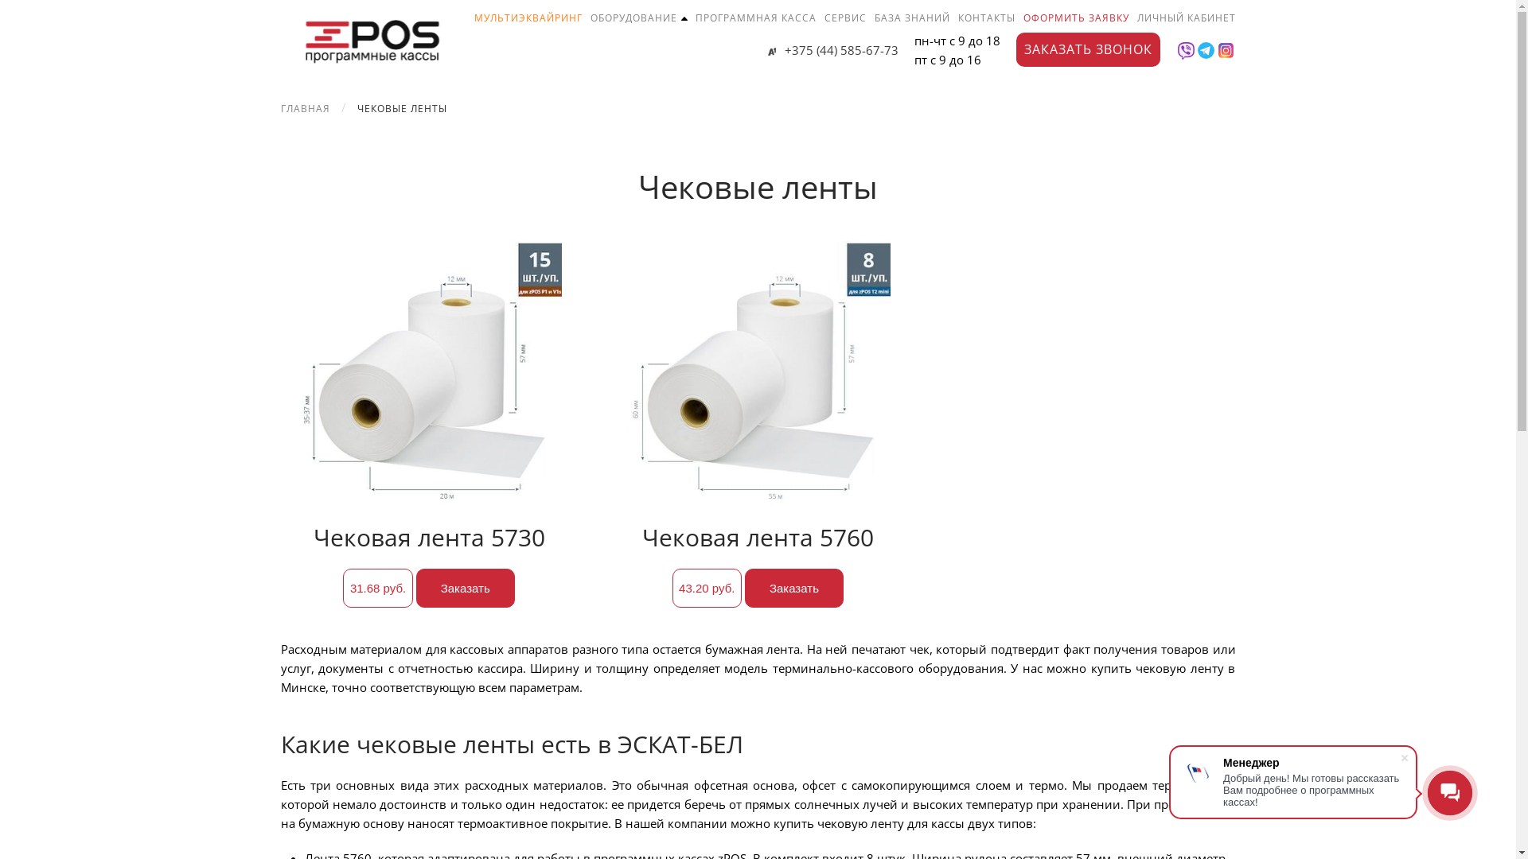 The image size is (1528, 859). I want to click on '+375 (44) 585-67-73', so click(832, 49).